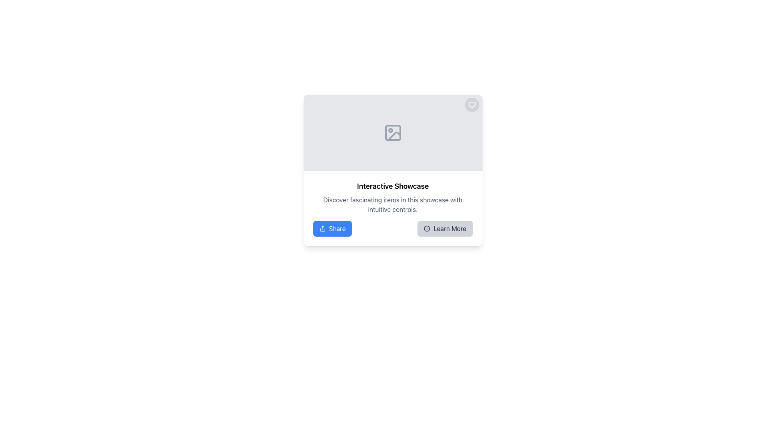 Image resolution: width=767 pixels, height=431 pixels. I want to click on the heart-shaped icon with a hollow interior located at the top-right corner of the gray circular button in the card's header area, so click(472, 104).